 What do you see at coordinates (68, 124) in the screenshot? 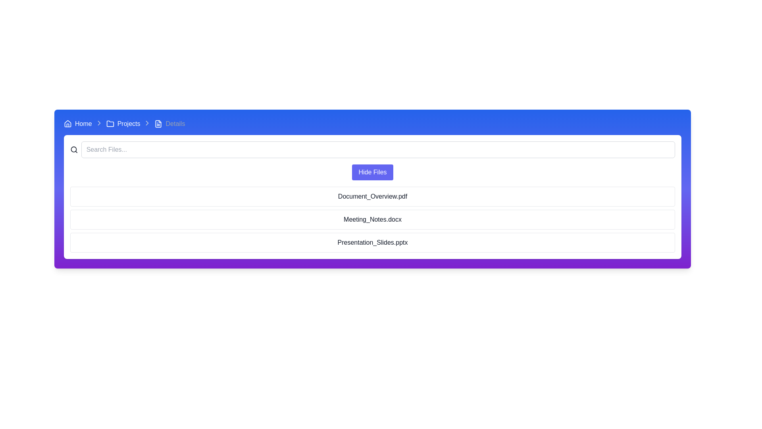
I see `the house-like icon located at the far left within the navigation bar` at bounding box center [68, 124].